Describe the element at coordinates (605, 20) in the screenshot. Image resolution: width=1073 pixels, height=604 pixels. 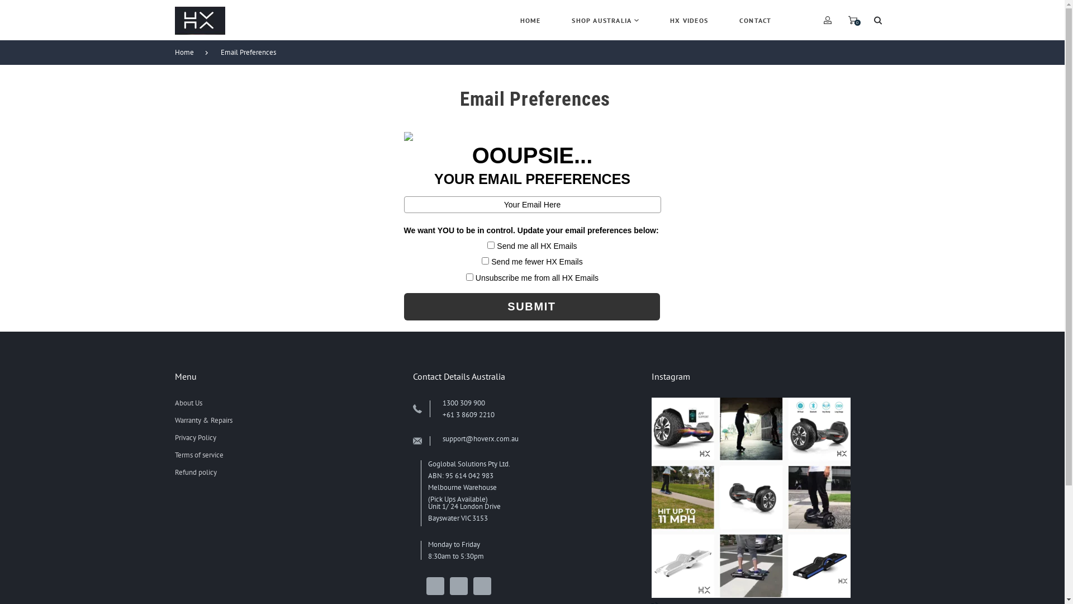
I see `'SHOP AUSTRALIA'` at that location.